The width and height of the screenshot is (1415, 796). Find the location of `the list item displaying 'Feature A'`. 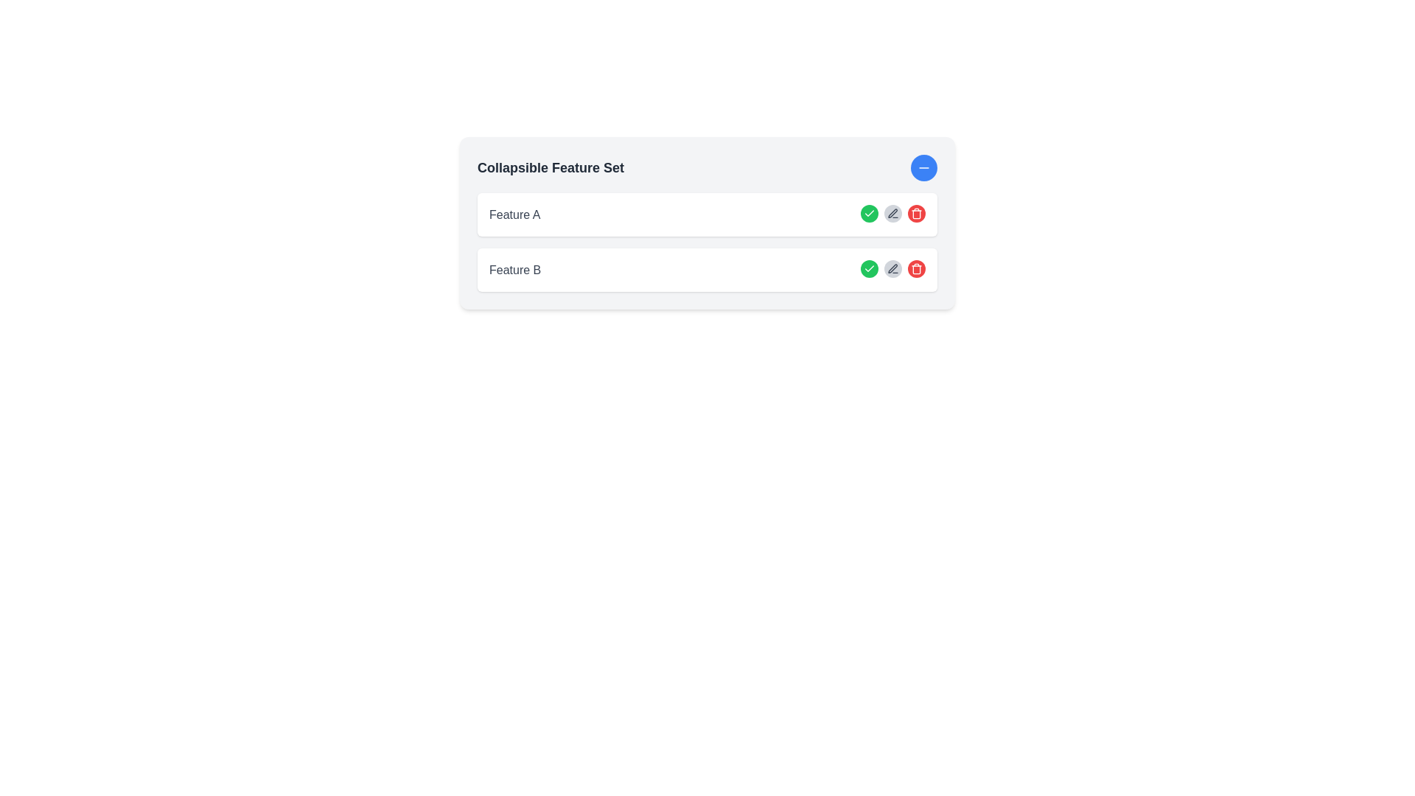

the list item displaying 'Feature A' is located at coordinates (707, 214).